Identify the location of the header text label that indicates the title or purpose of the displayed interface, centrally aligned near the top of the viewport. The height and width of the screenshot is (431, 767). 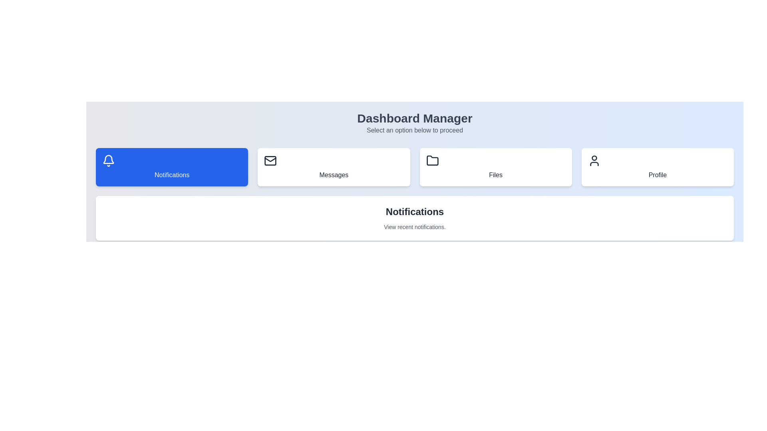
(415, 119).